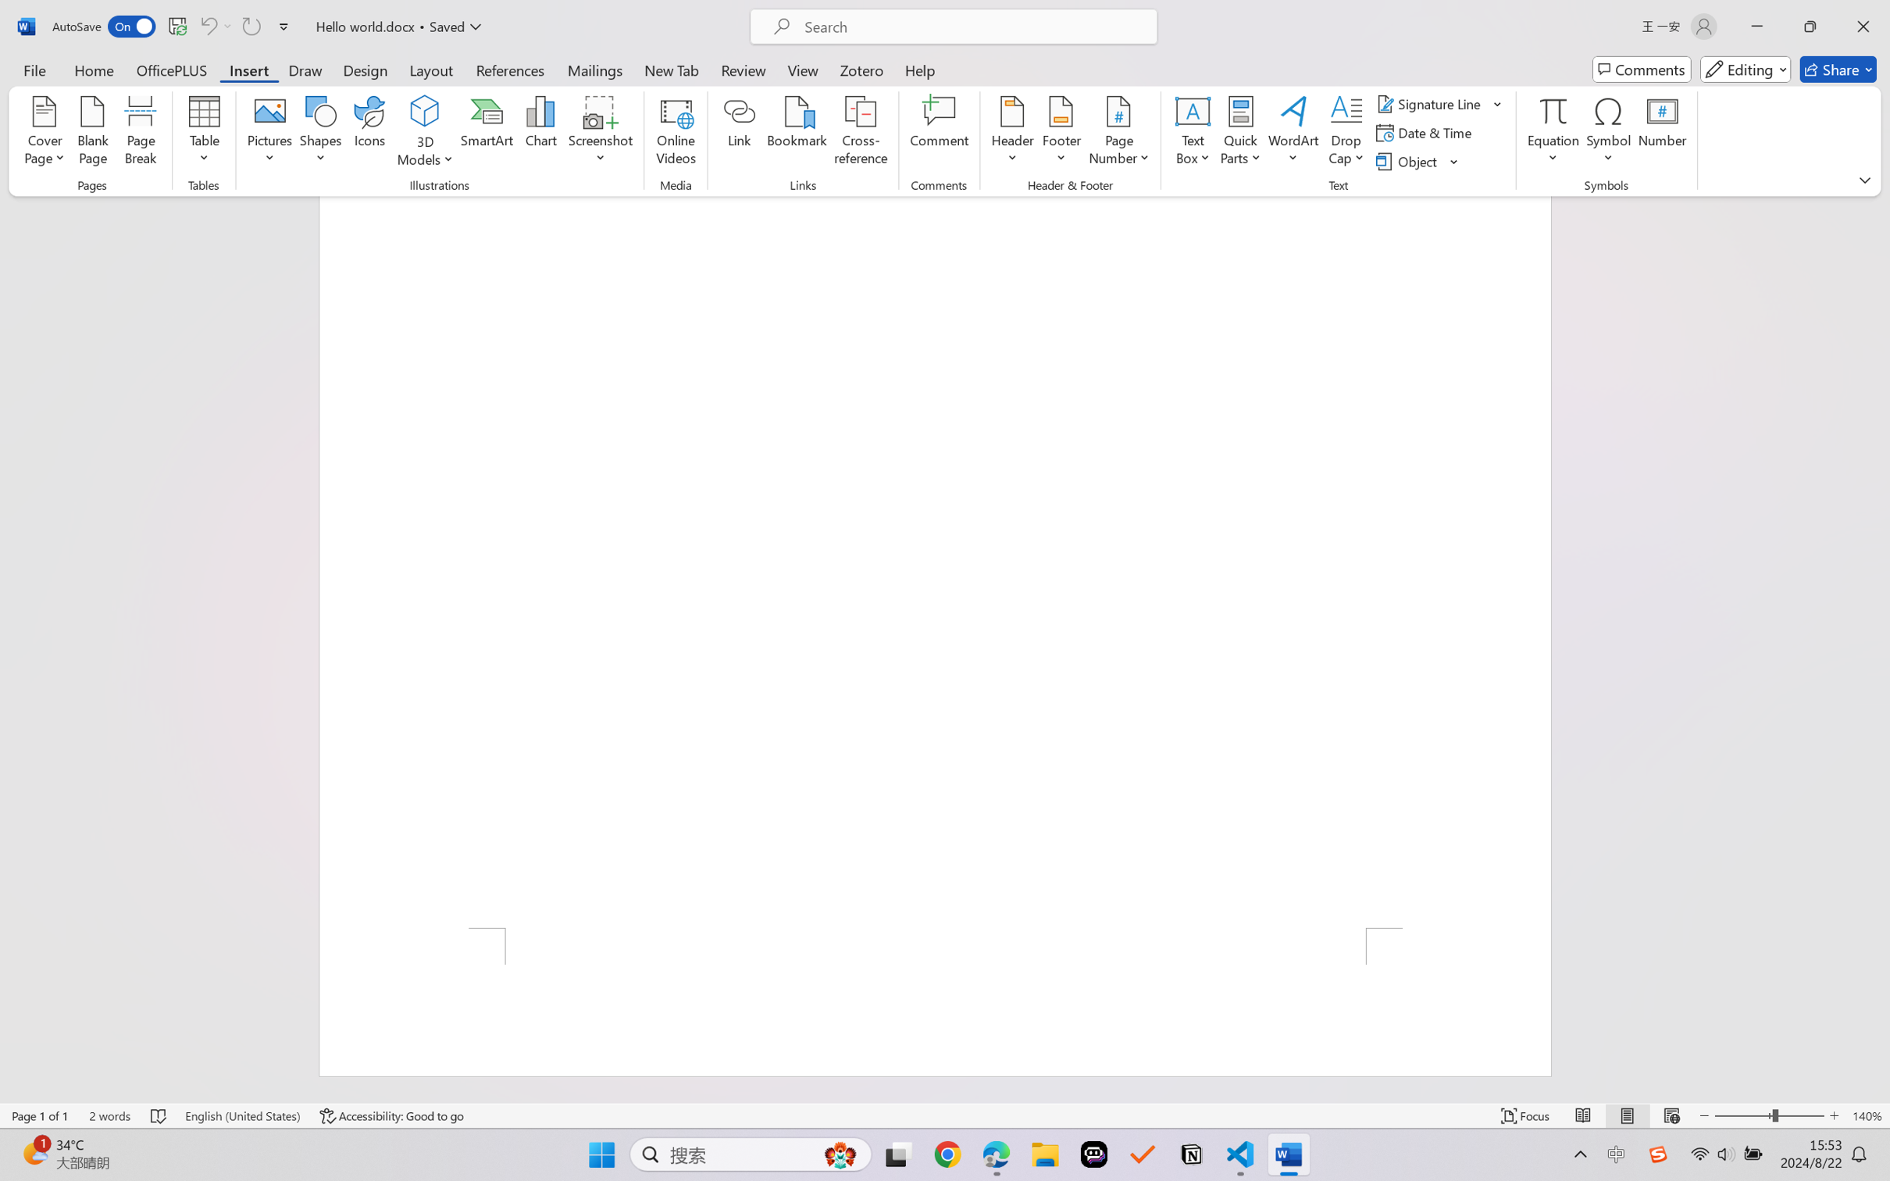  I want to click on 'References', so click(510, 69).